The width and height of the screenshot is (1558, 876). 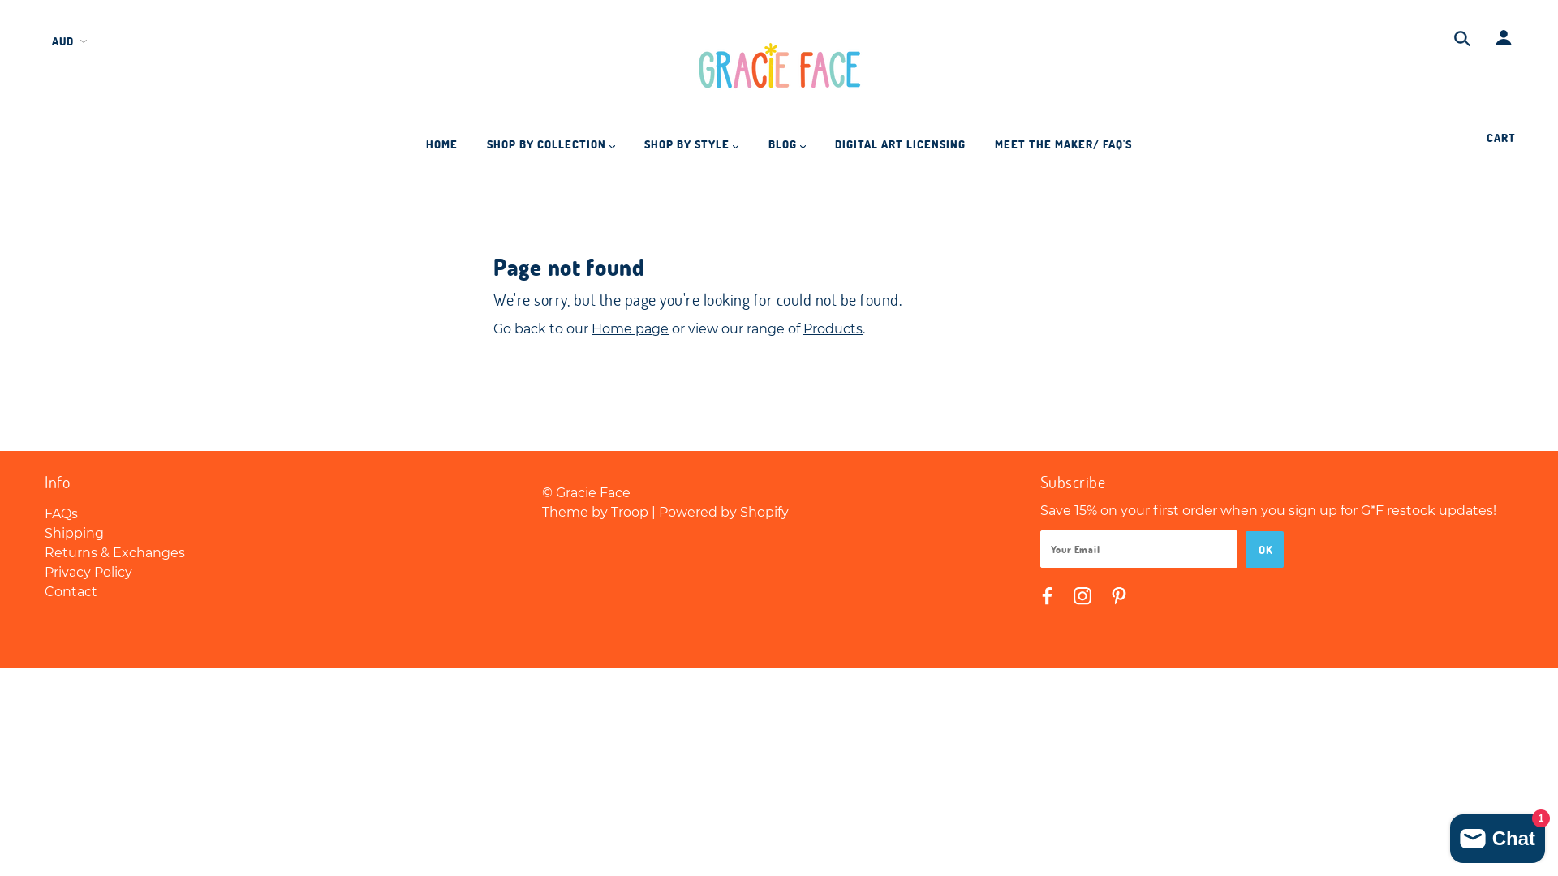 What do you see at coordinates (980, 150) in the screenshot?
I see `'MEET THE MAKER/ FAQ'S'` at bounding box center [980, 150].